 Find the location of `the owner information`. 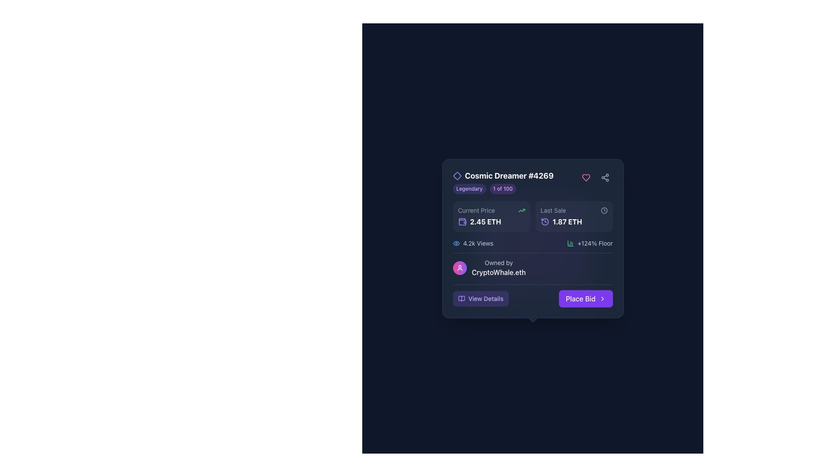

the owner information is located at coordinates (498, 272).